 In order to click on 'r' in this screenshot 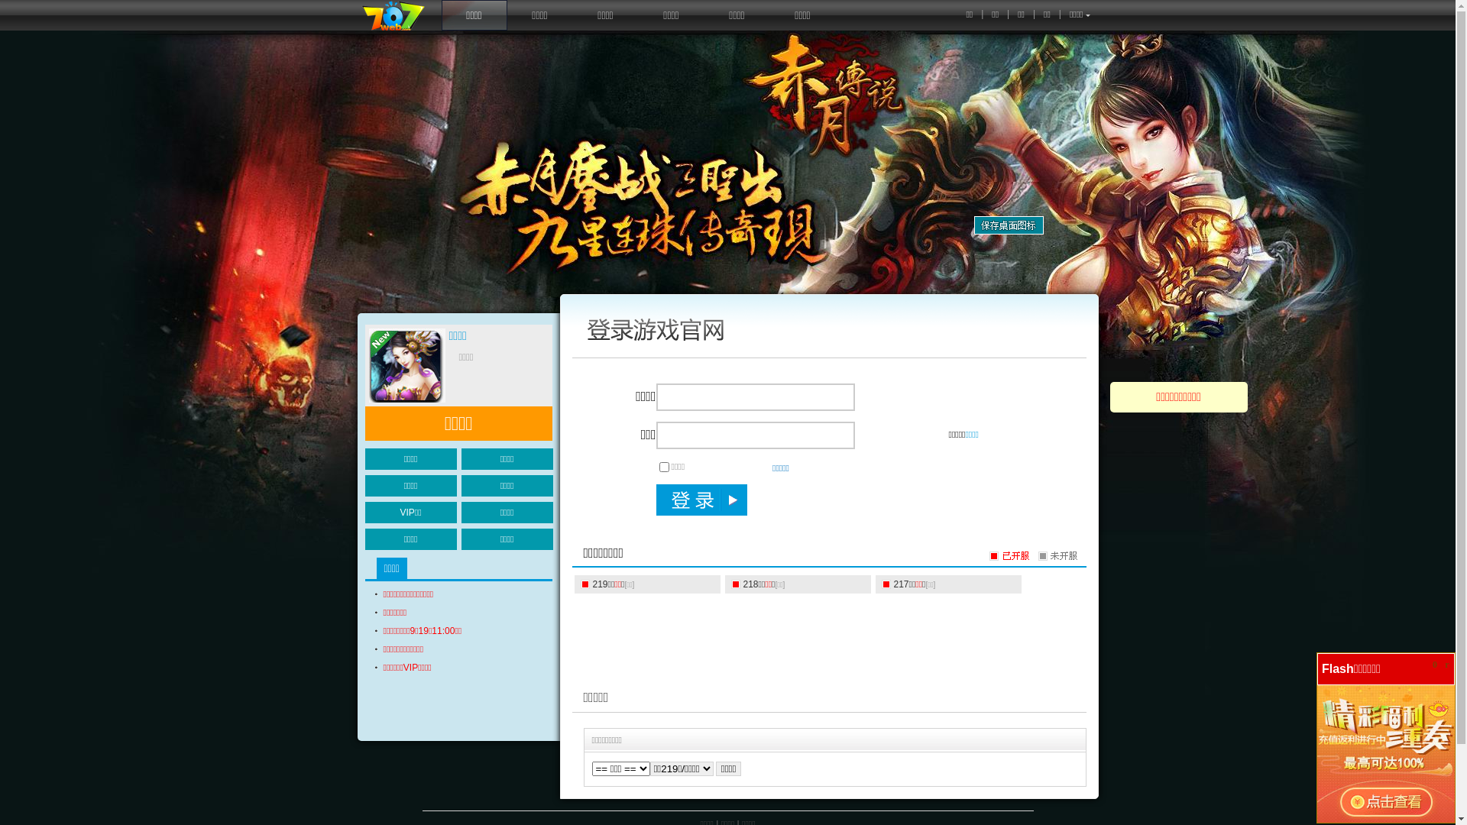, I will do `click(1446, 664)`.